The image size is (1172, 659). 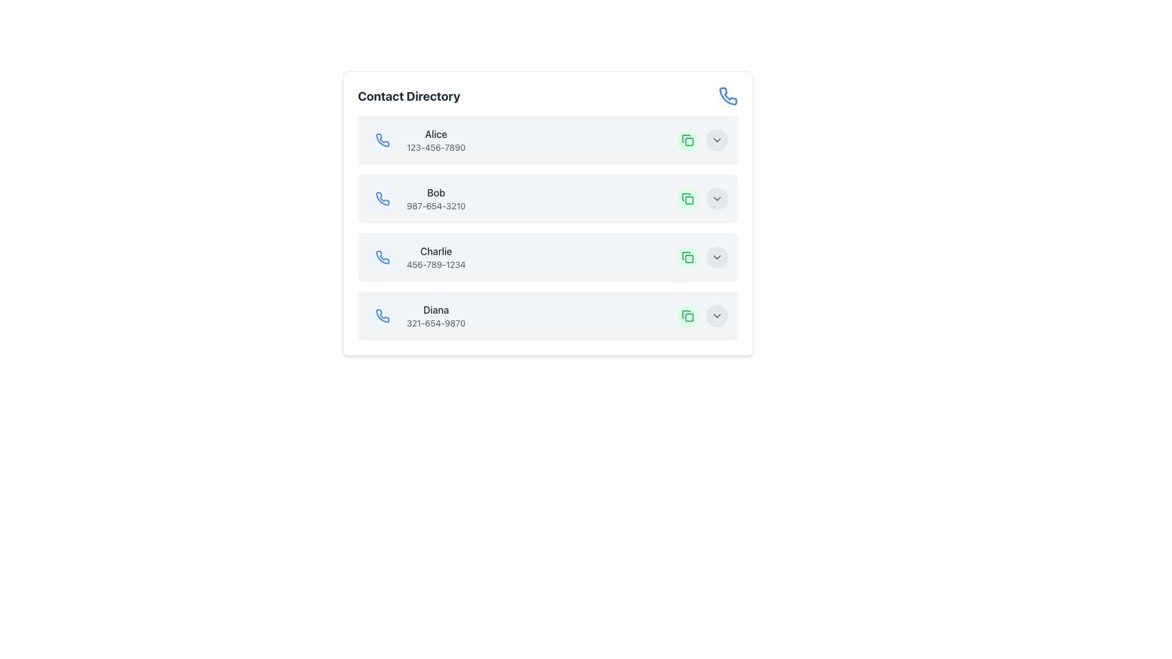 I want to click on the smaller square icon associated with copying Charlie's contact details, located, so click(x=689, y=258).